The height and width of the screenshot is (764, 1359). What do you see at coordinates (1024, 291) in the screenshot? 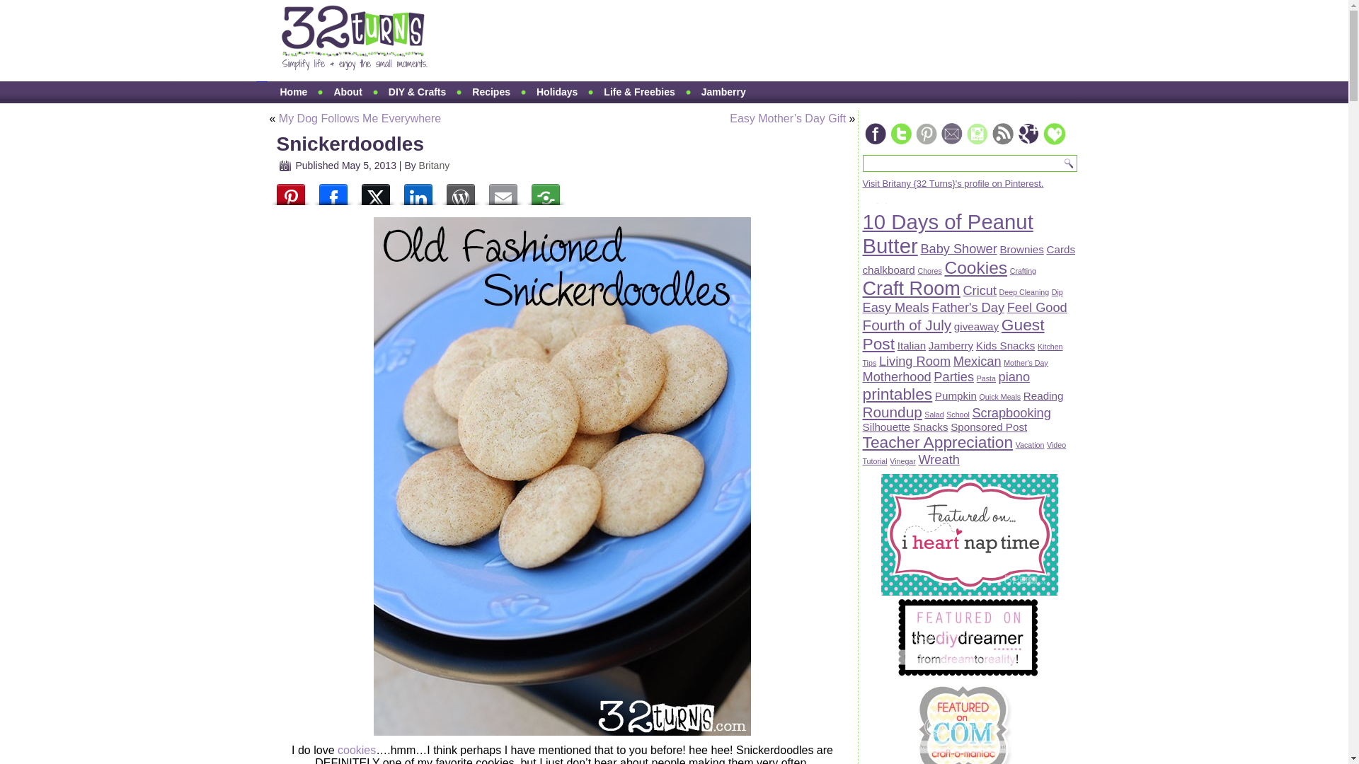
I see `'Deep Cleaning'` at bounding box center [1024, 291].